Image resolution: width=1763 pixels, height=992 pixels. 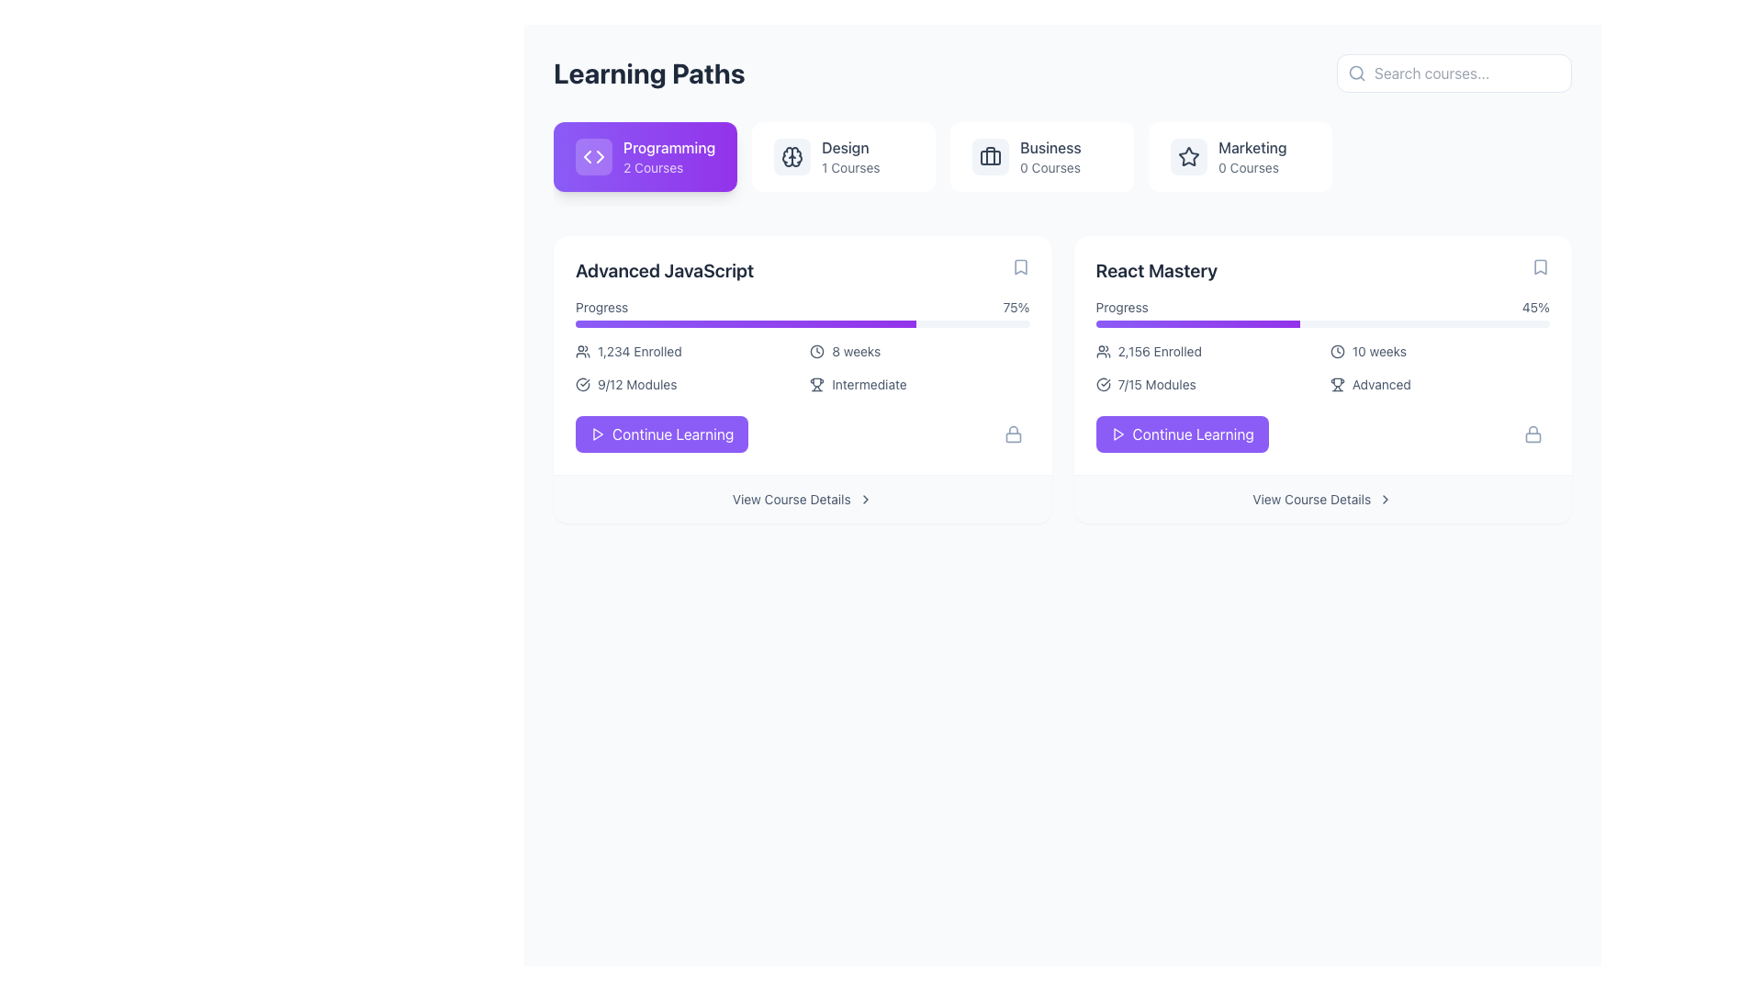 I want to click on the text label displaying '45%' in the progress section of the React Mastery card, which is aligned with the progress bar and located in the right-hand column of the learning paths overview, so click(x=1535, y=307).